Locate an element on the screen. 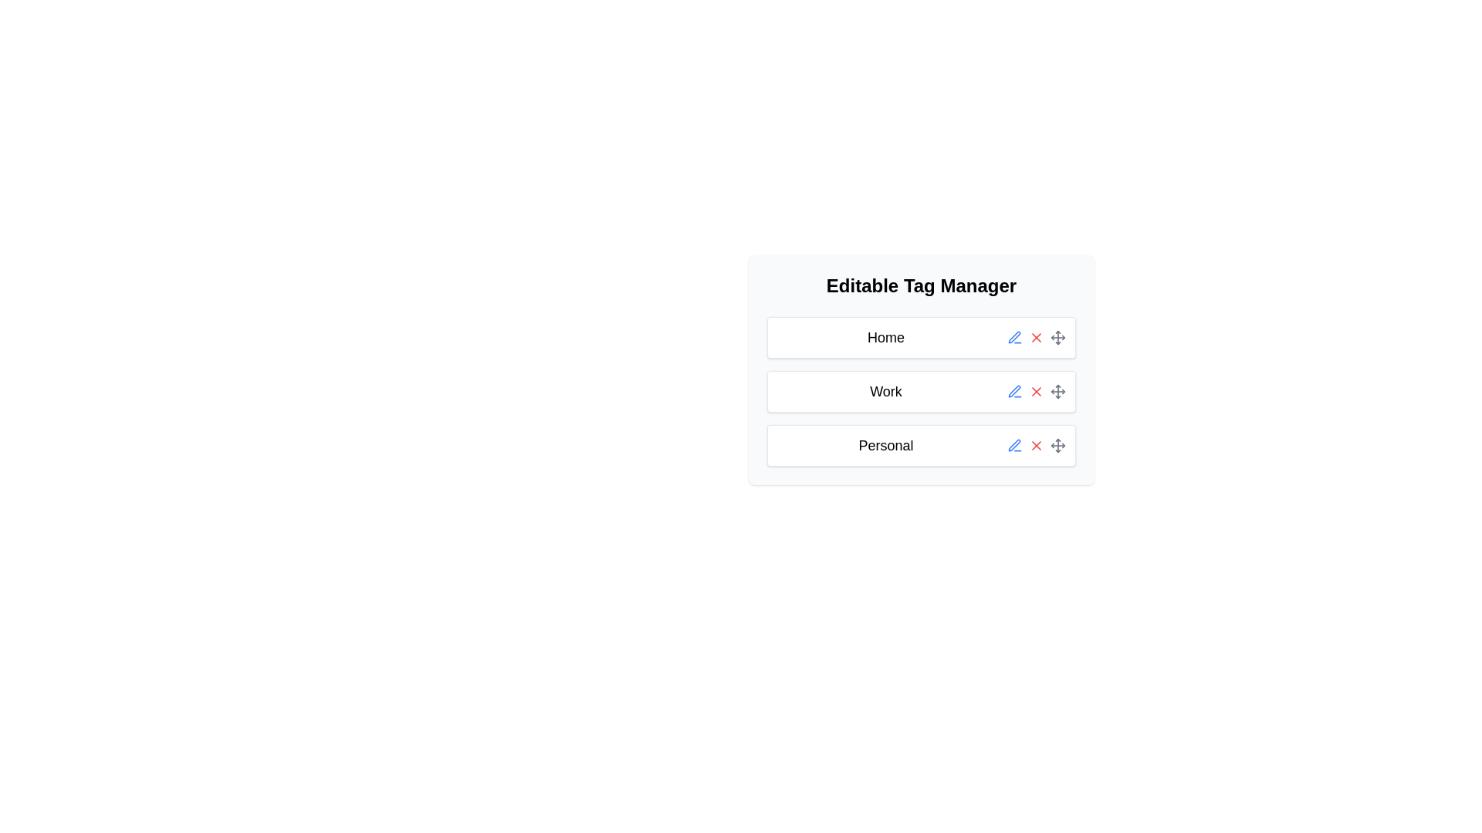  the red 'X' button located to the right of the third row labeled 'Personal' is located at coordinates (1037, 446).